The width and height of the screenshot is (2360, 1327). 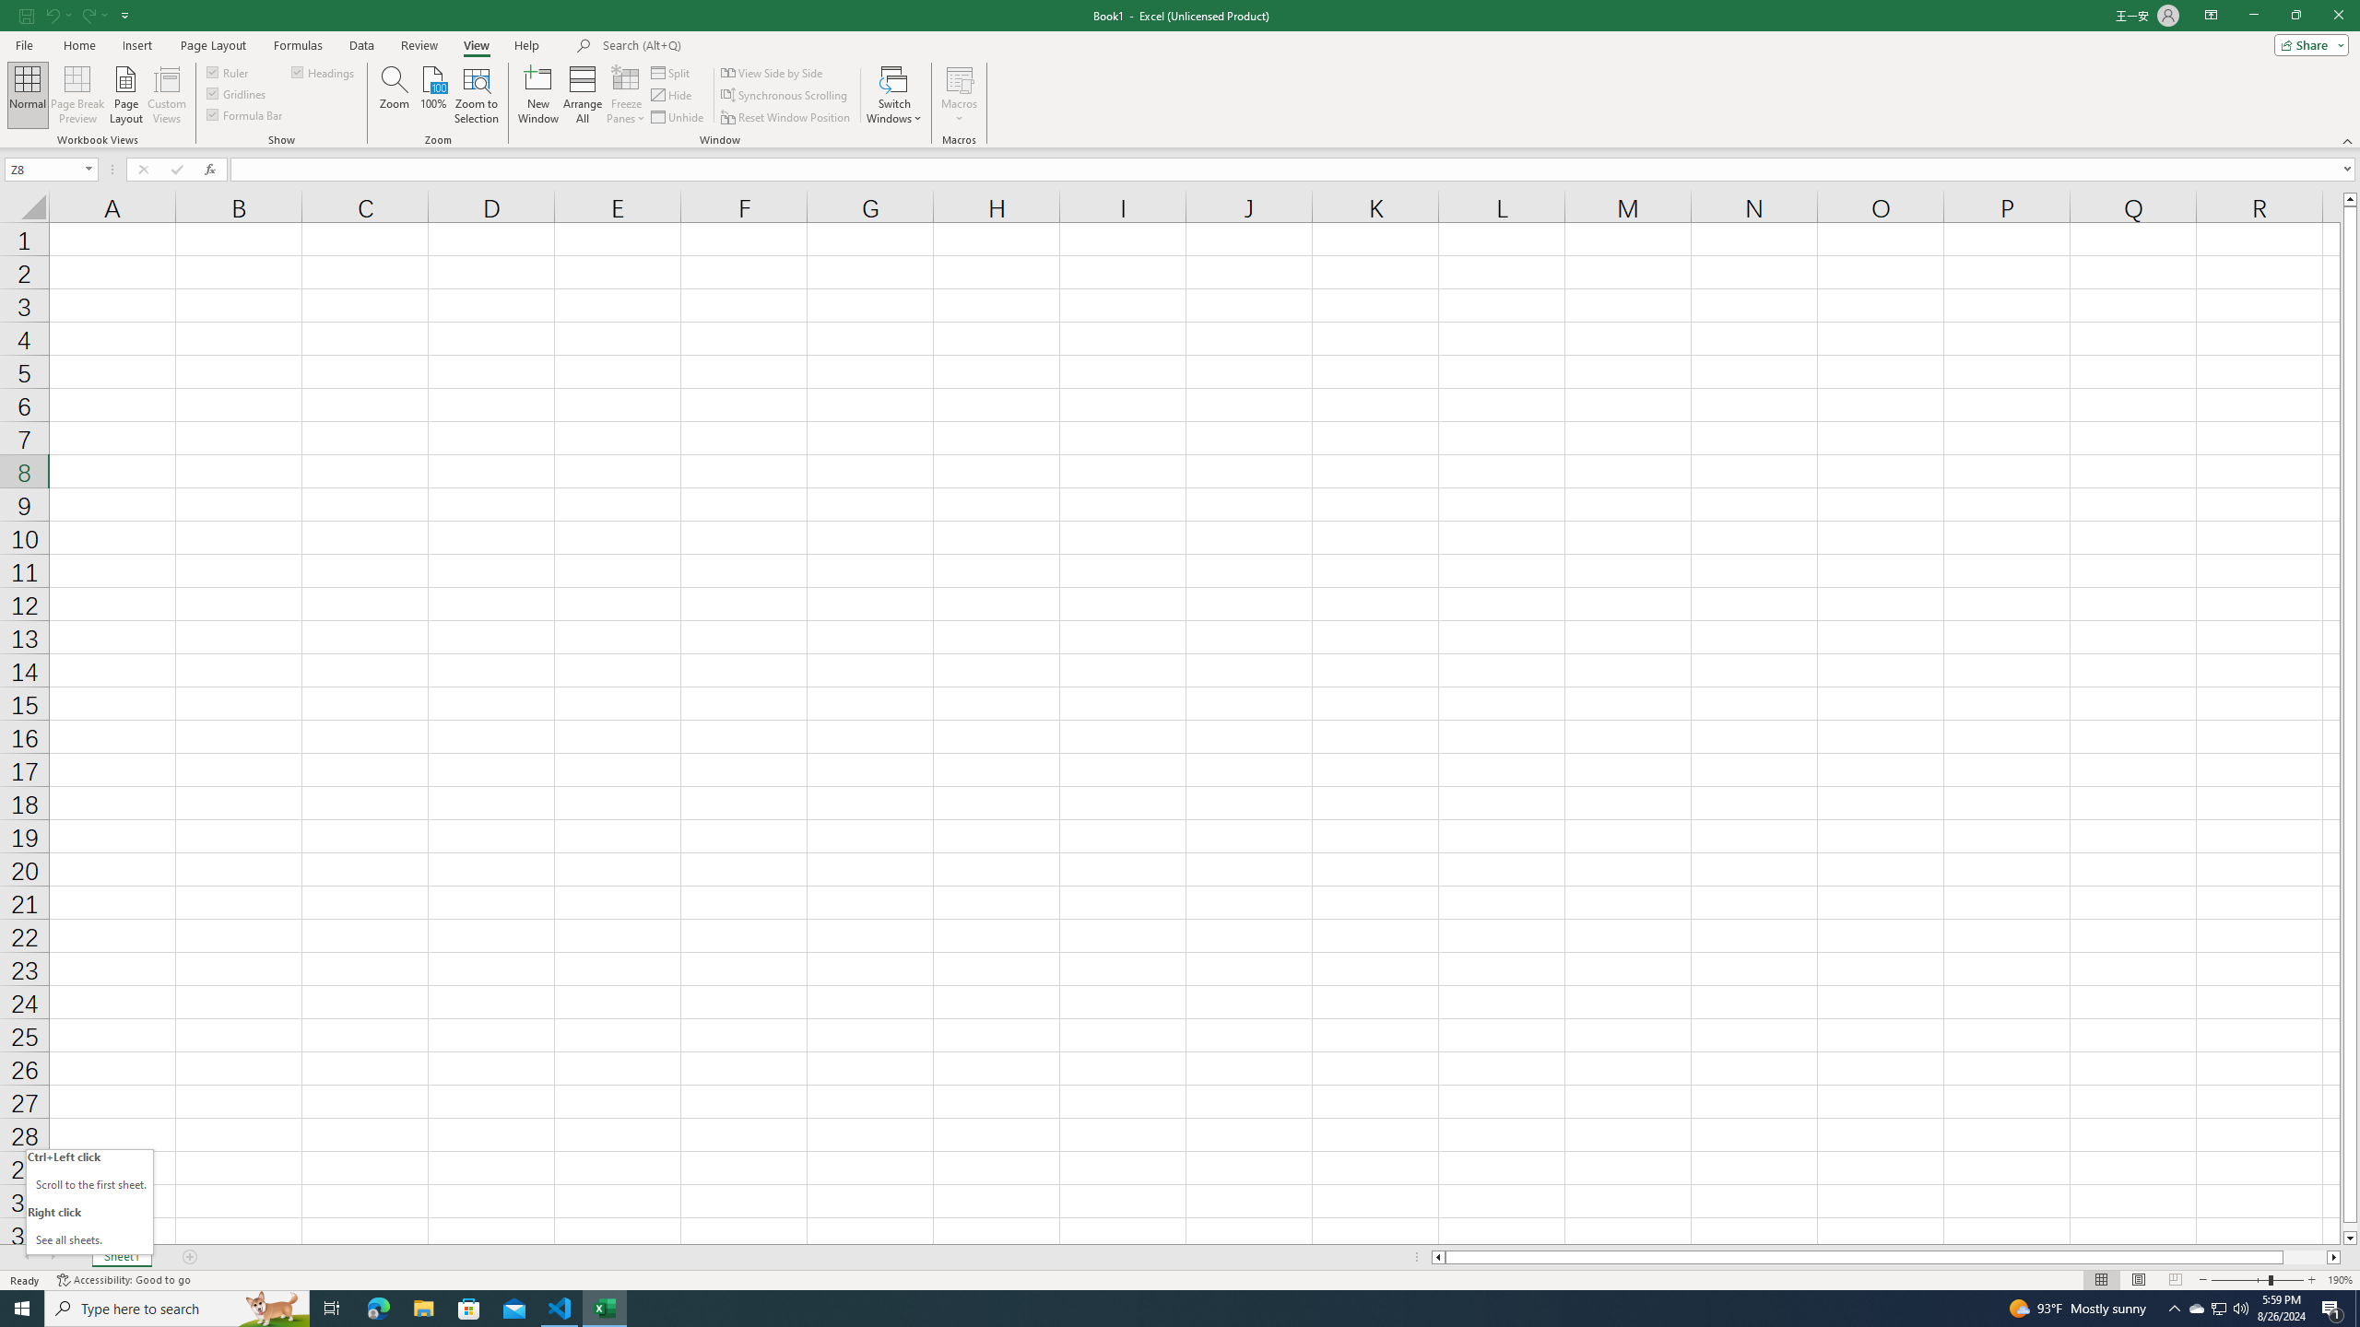 I want to click on 'Unhide...', so click(x=679, y=117).